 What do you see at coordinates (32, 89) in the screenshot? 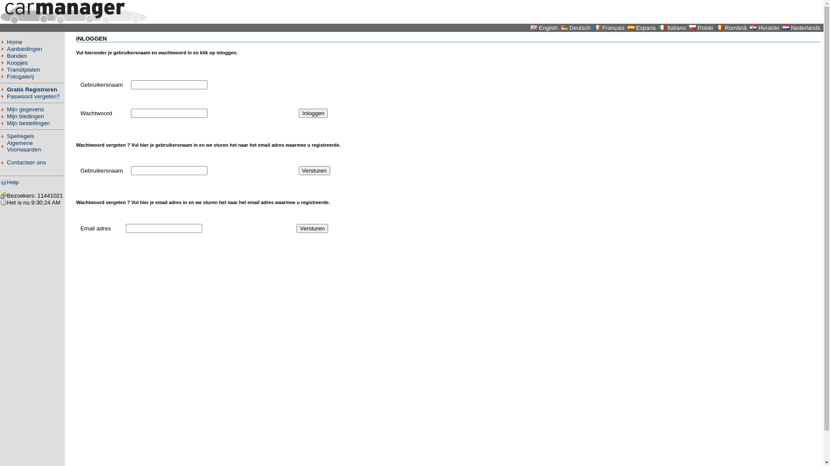
I see `'Gratis Registreren'` at bounding box center [32, 89].